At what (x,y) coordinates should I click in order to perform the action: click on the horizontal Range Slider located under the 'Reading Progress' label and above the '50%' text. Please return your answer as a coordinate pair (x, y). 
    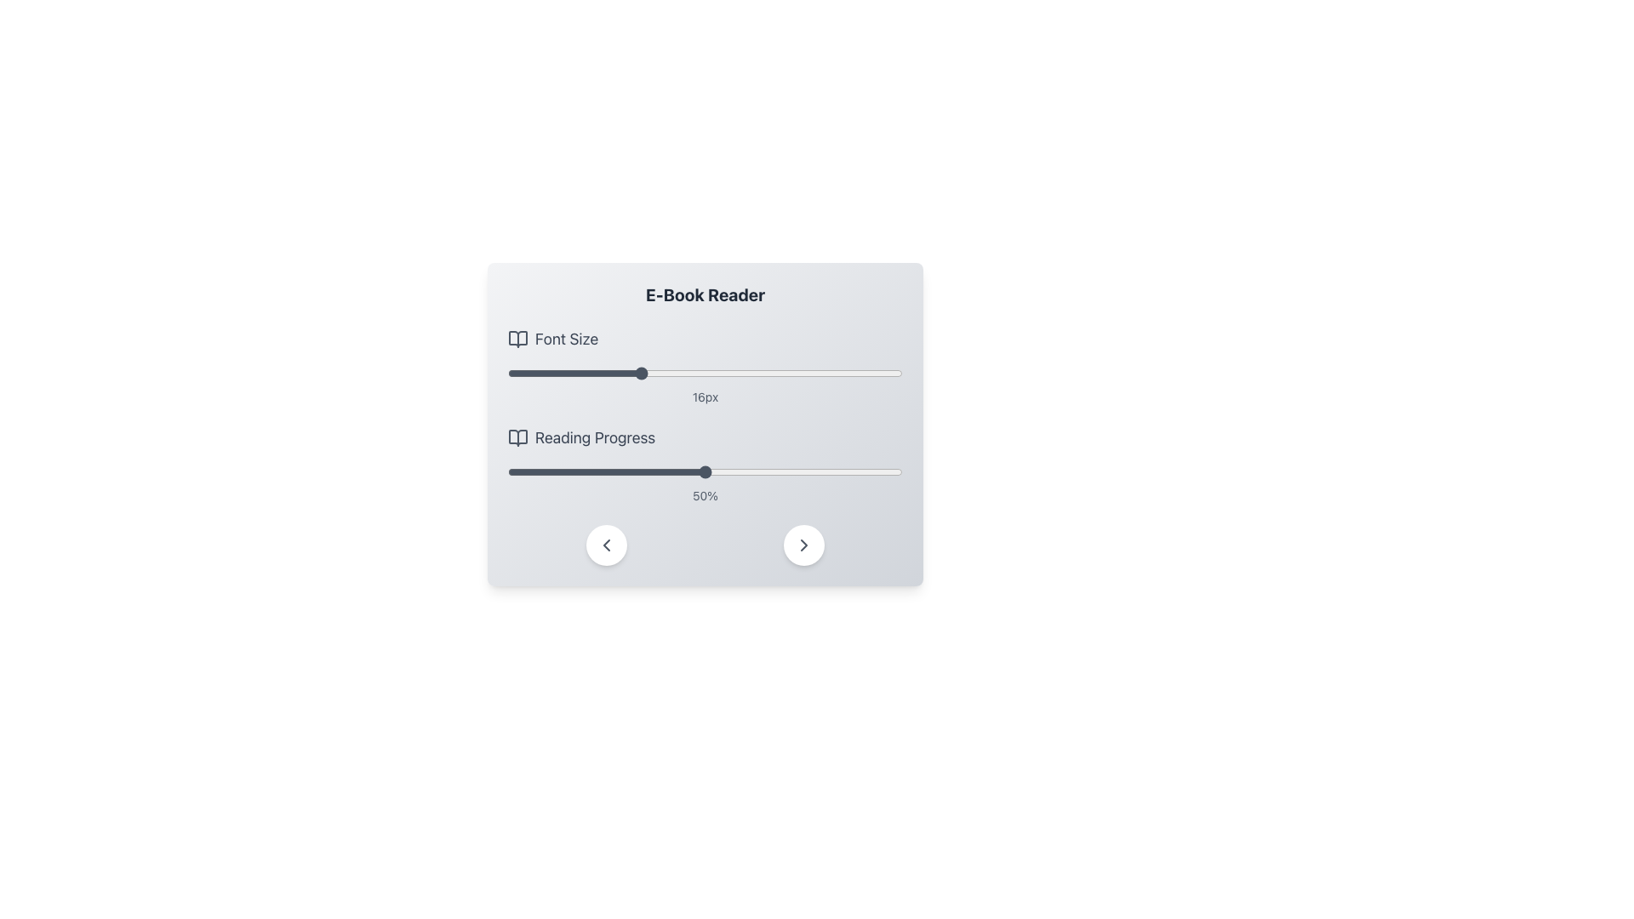
    Looking at the image, I should click on (706, 472).